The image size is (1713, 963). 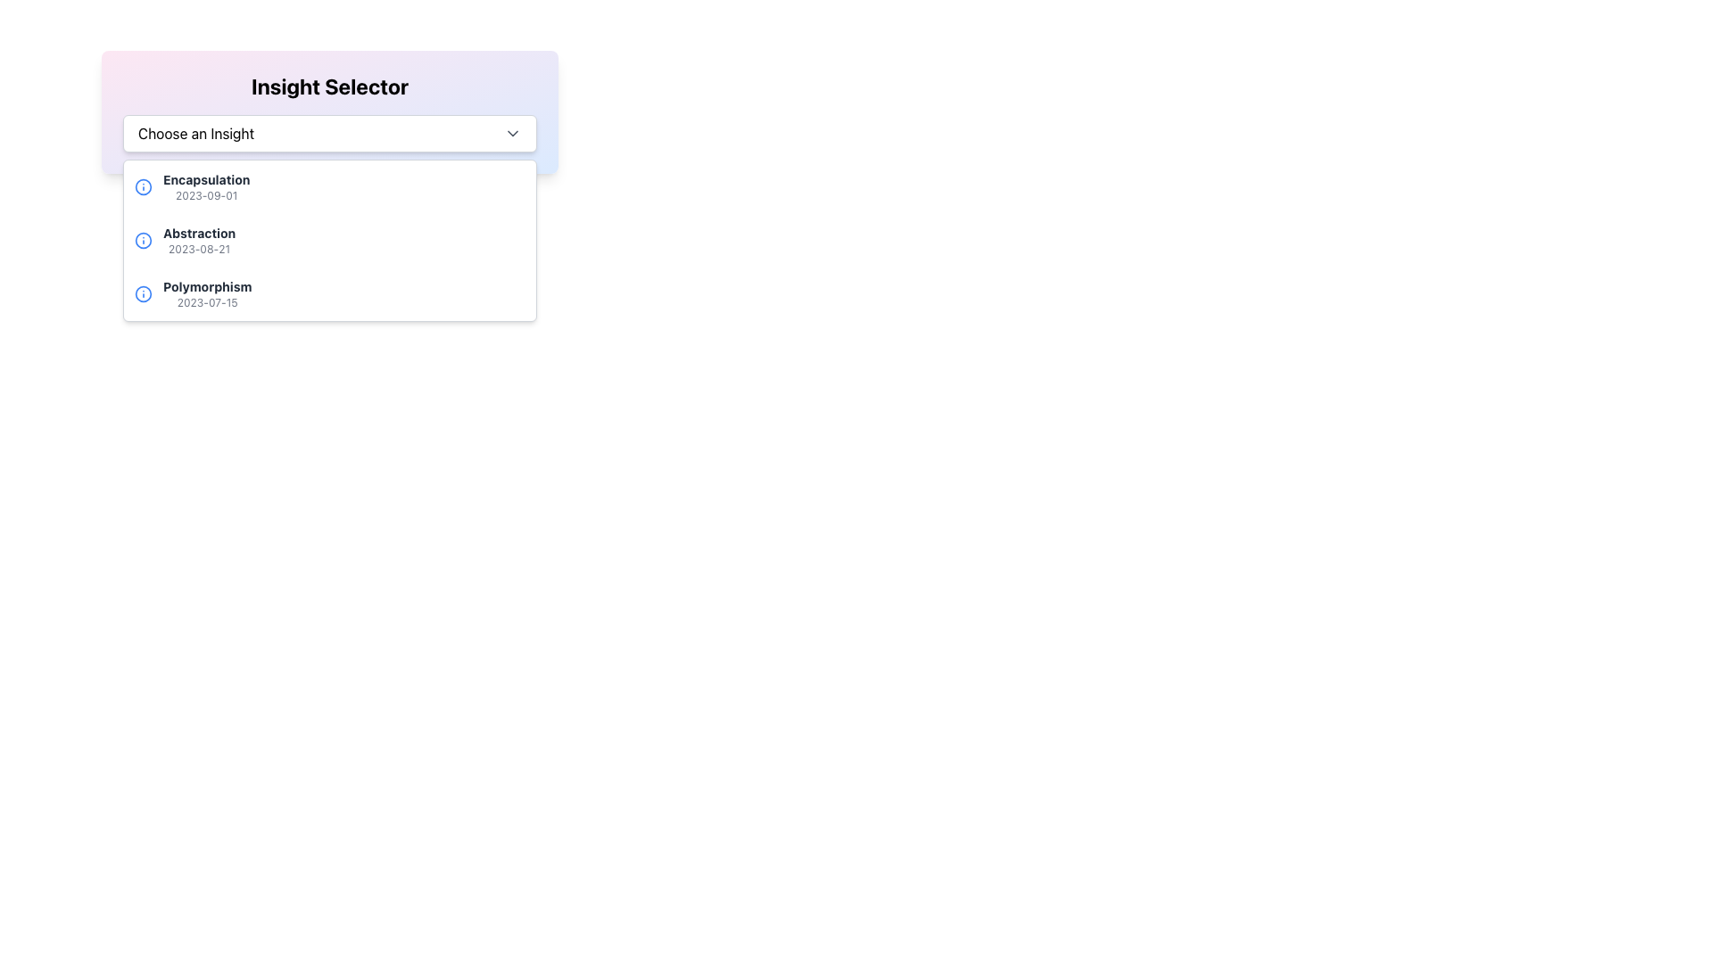 I want to click on the 'Insight Selector' dropdown menu, so click(x=329, y=112).